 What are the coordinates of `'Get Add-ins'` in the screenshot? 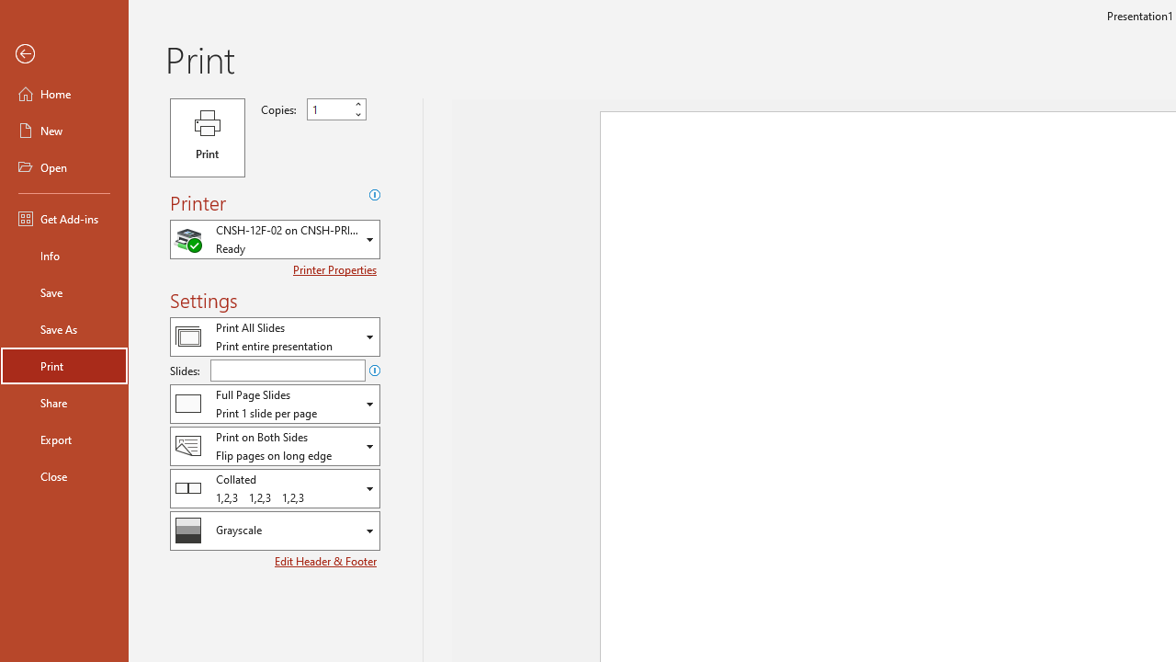 It's located at (63, 217).